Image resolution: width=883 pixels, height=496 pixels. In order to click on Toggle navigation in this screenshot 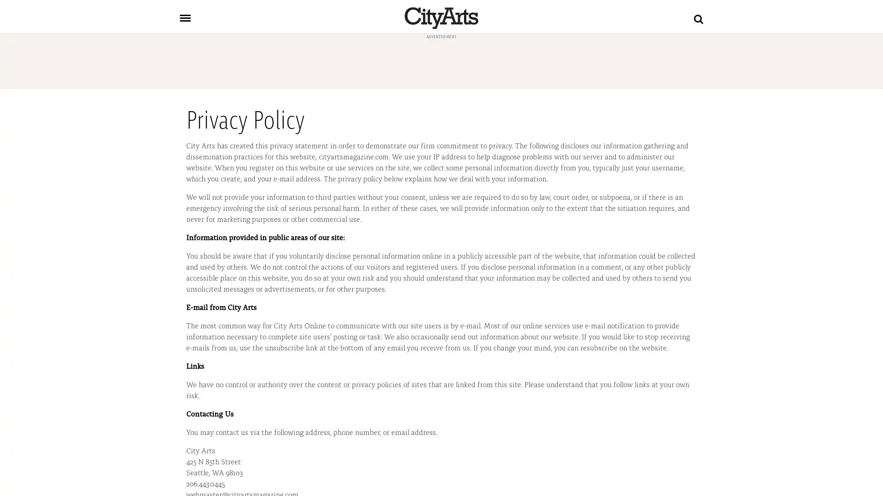, I will do `click(185, 18)`.